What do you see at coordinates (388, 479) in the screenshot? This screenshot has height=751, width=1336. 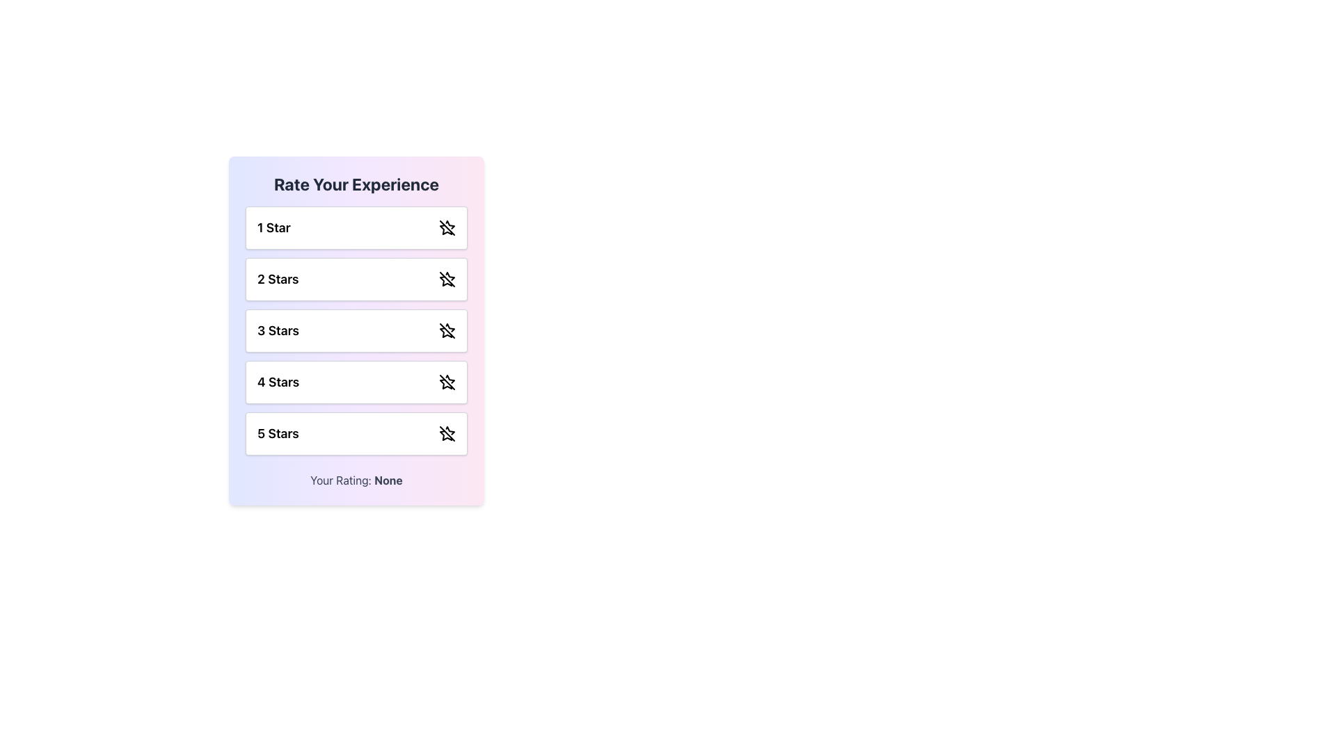 I see `the text label displaying 'None' in bold, which is part of the sentence 'Your Rating: None' located at the bottom of the panel` at bounding box center [388, 479].